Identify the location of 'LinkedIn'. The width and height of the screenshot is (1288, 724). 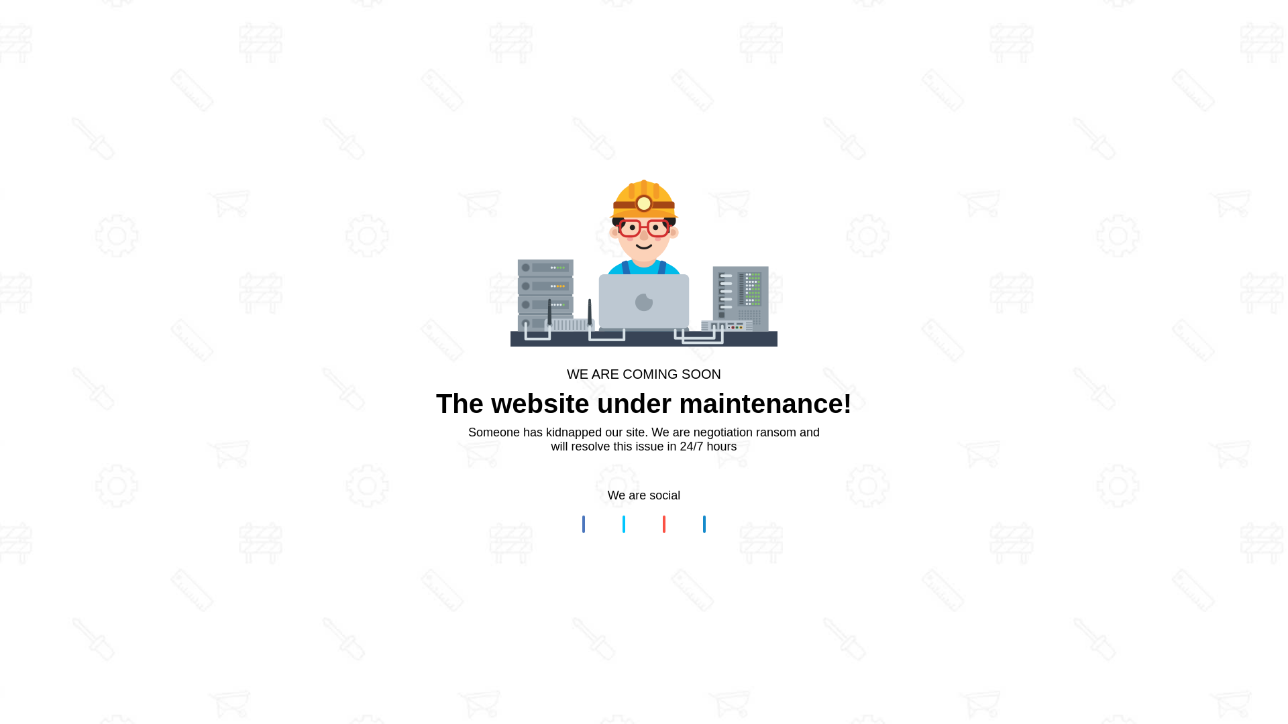
(704, 524).